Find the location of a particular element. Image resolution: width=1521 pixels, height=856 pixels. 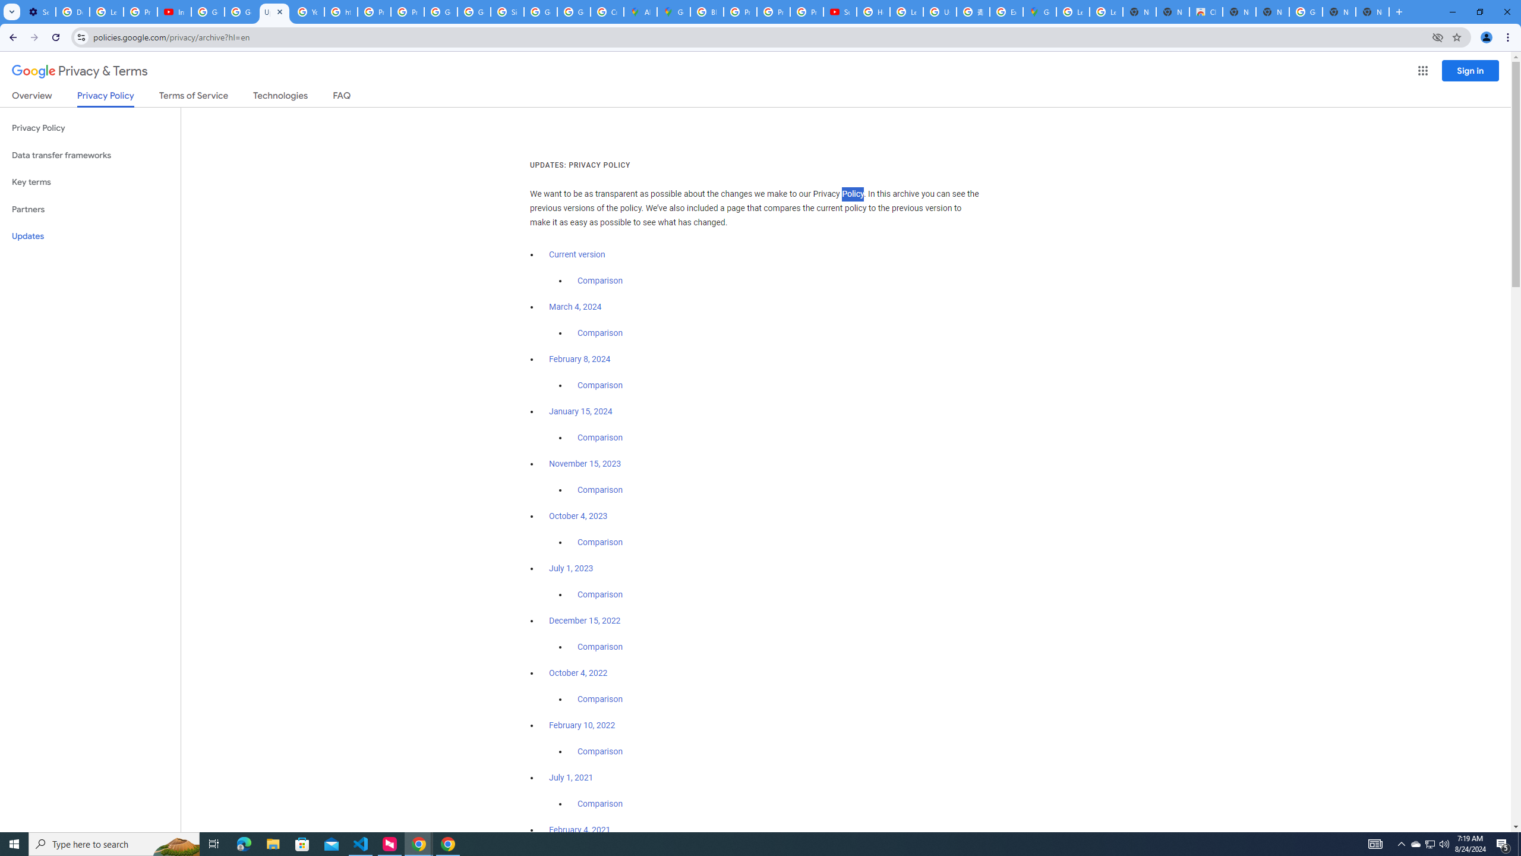

'New Tab' is located at coordinates (1372, 11).